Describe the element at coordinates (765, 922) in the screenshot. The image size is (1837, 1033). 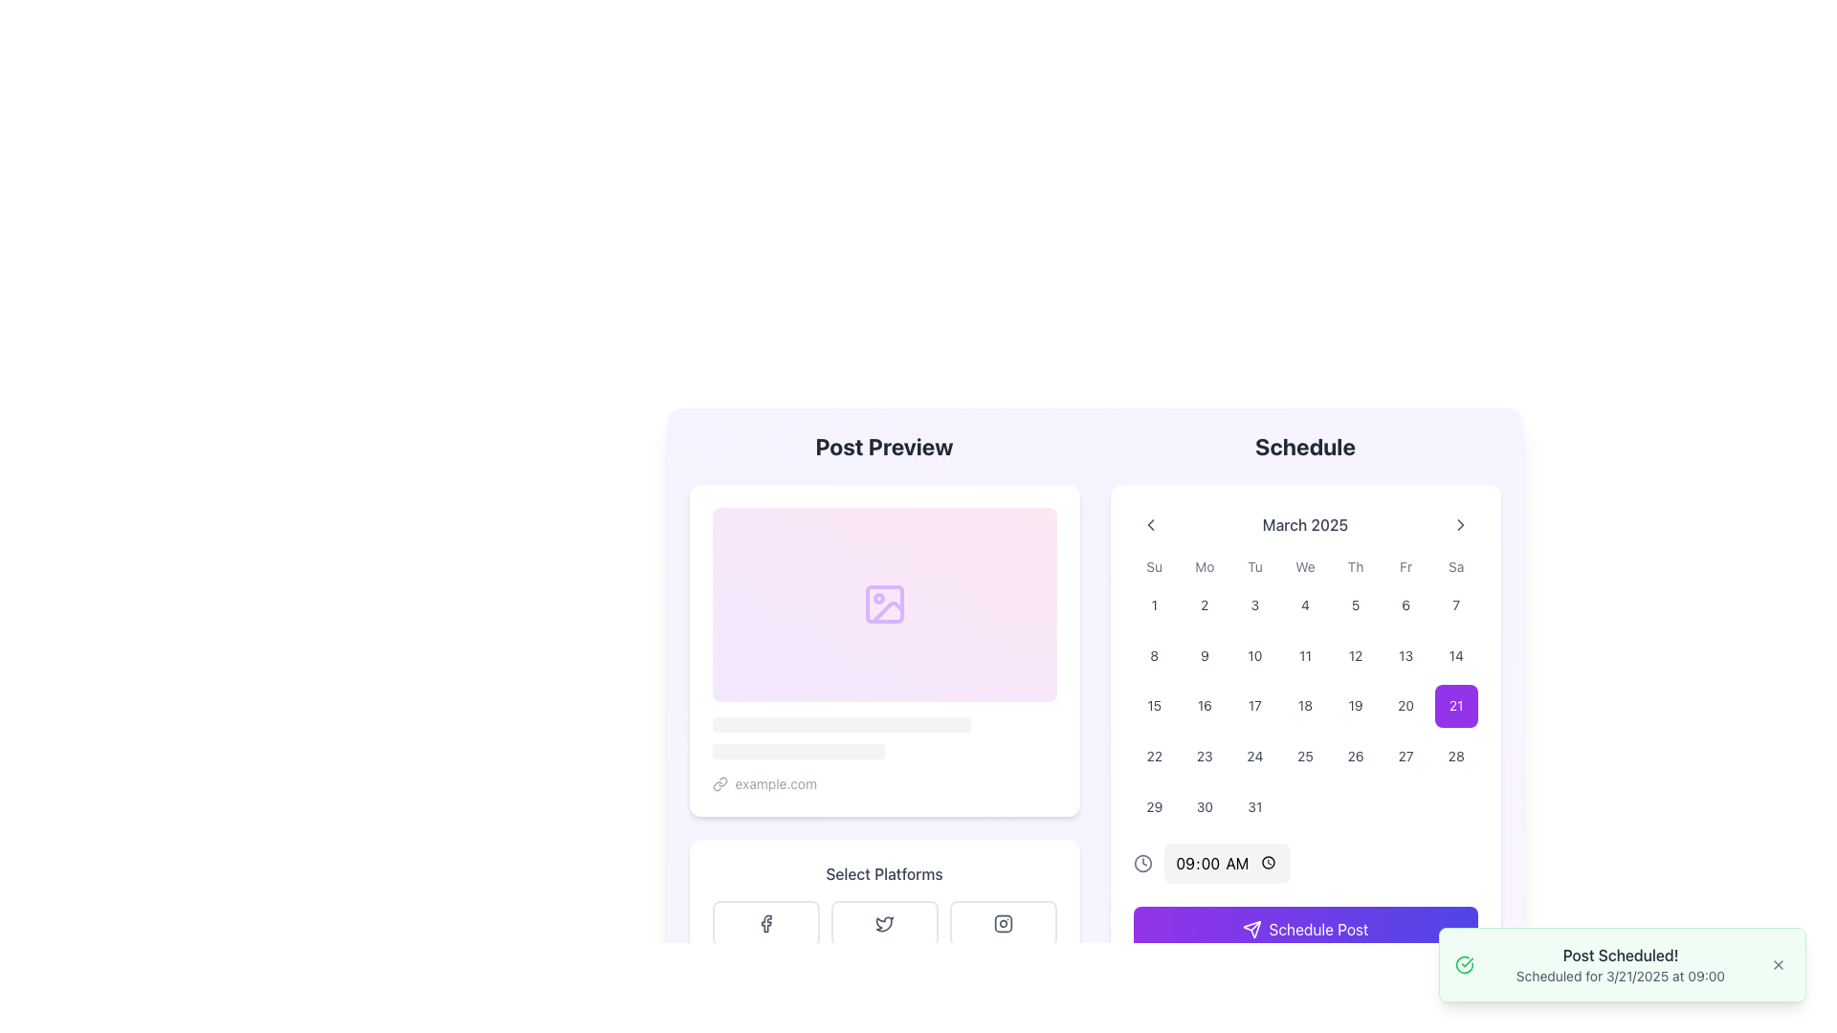
I see `the small Facebook logo icon in the 'Select Platforms' section located below the 'Post Preview' area for informational purposes` at that location.